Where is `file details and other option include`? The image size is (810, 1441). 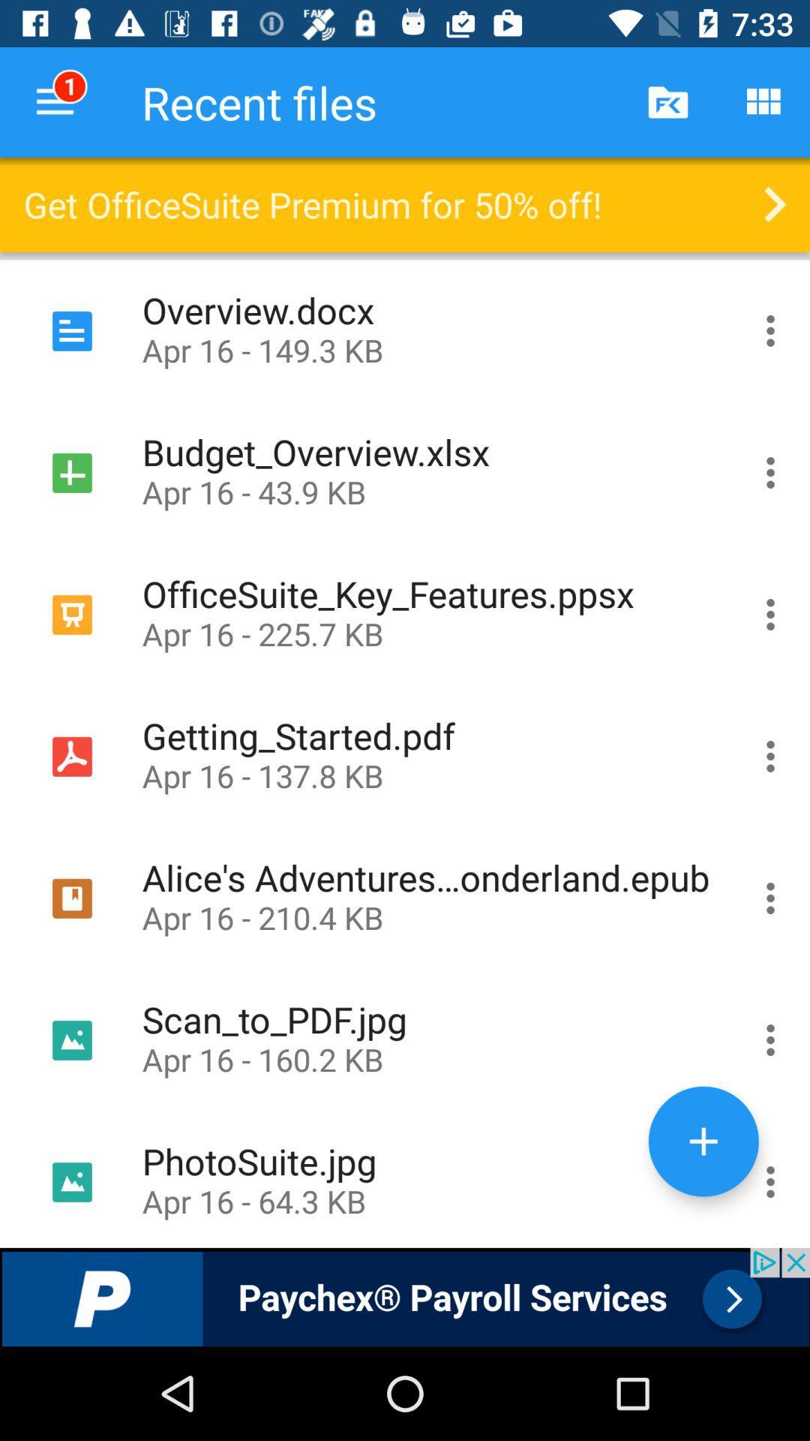
file details and other option include is located at coordinates (770, 330).